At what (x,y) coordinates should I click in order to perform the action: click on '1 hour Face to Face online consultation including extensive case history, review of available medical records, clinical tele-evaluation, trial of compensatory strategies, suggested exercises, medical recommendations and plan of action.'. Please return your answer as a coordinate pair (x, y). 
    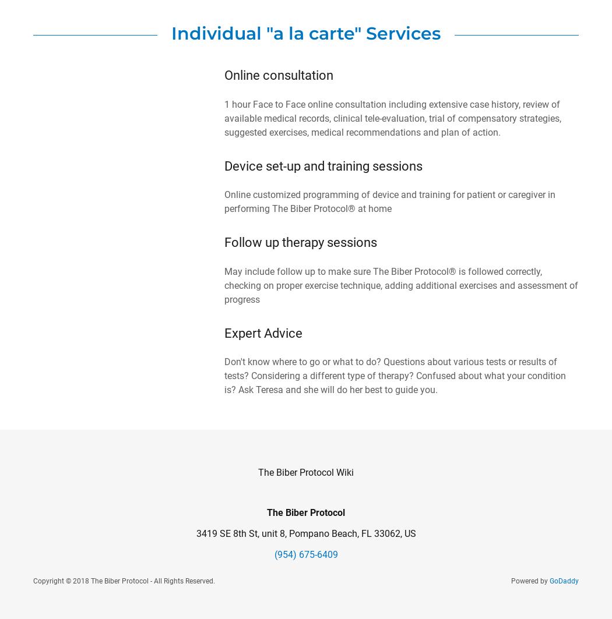
    Looking at the image, I should click on (224, 118).